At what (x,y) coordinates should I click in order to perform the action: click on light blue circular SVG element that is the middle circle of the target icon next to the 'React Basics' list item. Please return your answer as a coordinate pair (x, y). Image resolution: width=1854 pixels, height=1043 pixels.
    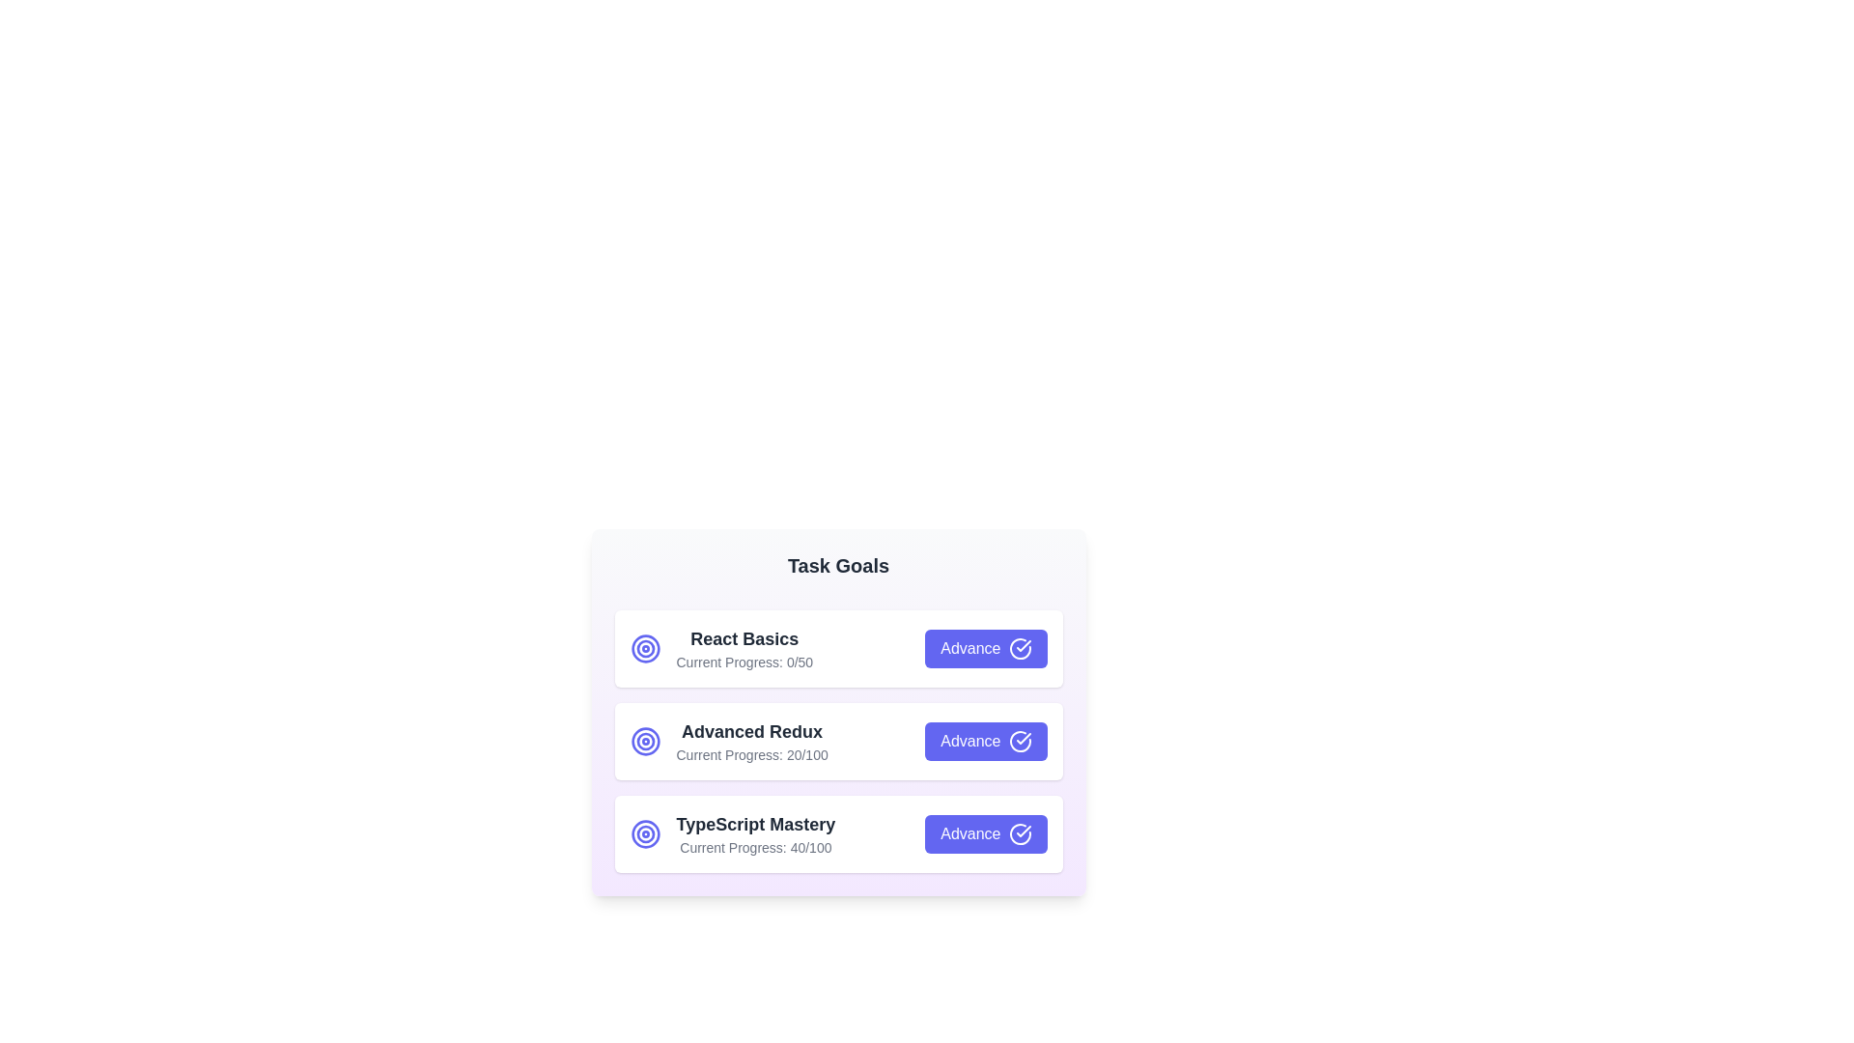
    Looking at the image, I should click on (645, 833).